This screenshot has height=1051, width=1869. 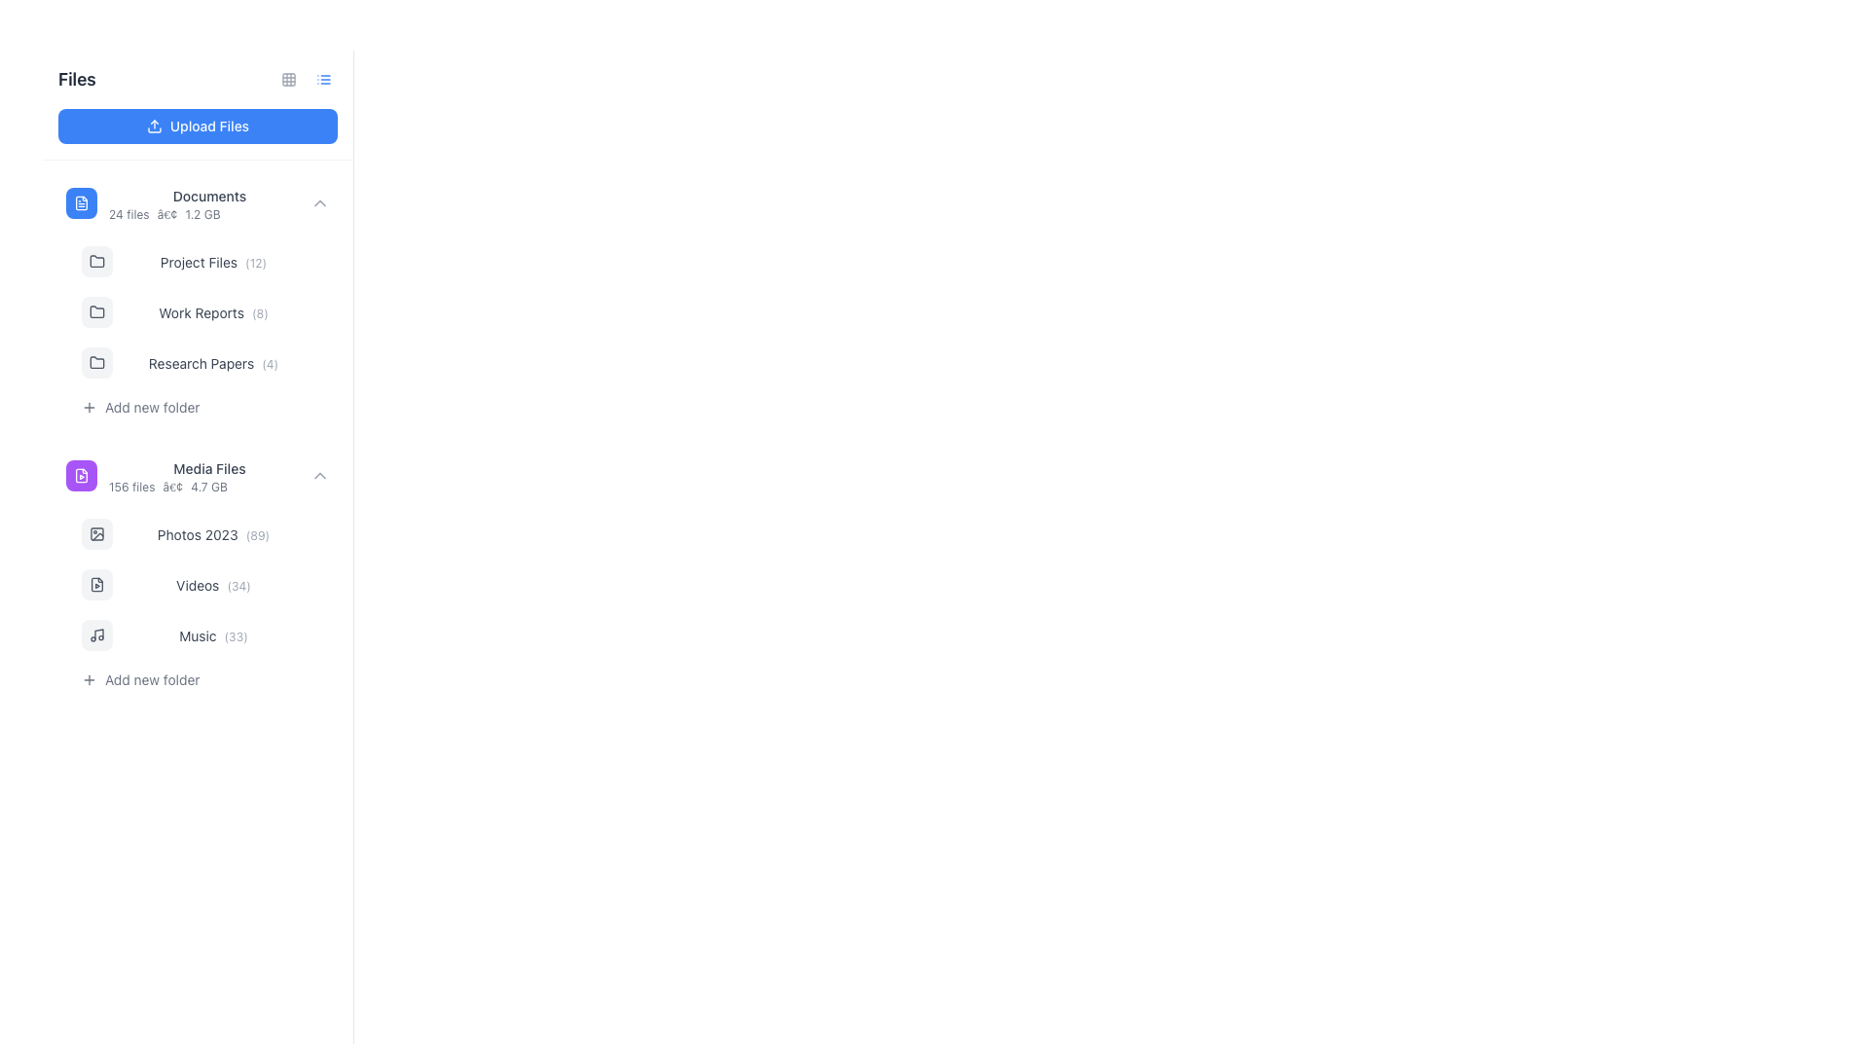 What do you see at coordinates (130, 487) in the screenshot?
I see `the text label that indicates the number of files within the 'Media Files' folder, positioned to the left of the separator and below the folder entry` at bounding box center [130, 487].